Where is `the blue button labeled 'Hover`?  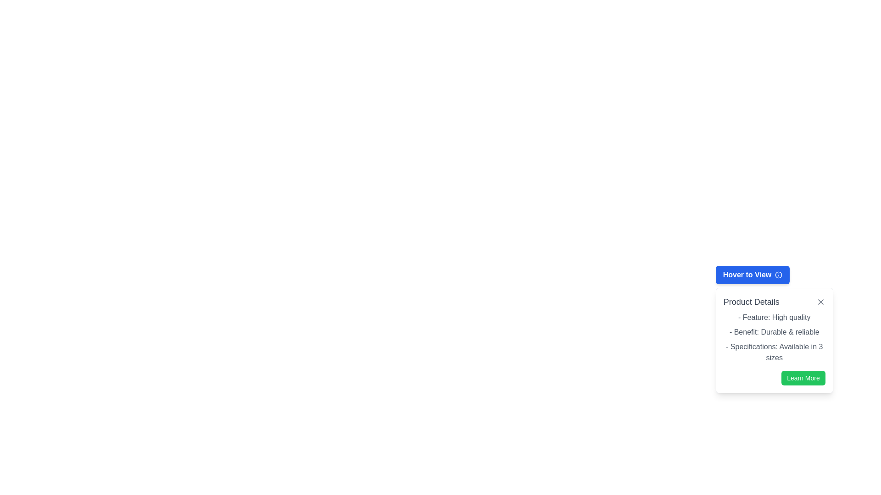 the blue button labeled 'Hover is located at coordinates (753, 370).